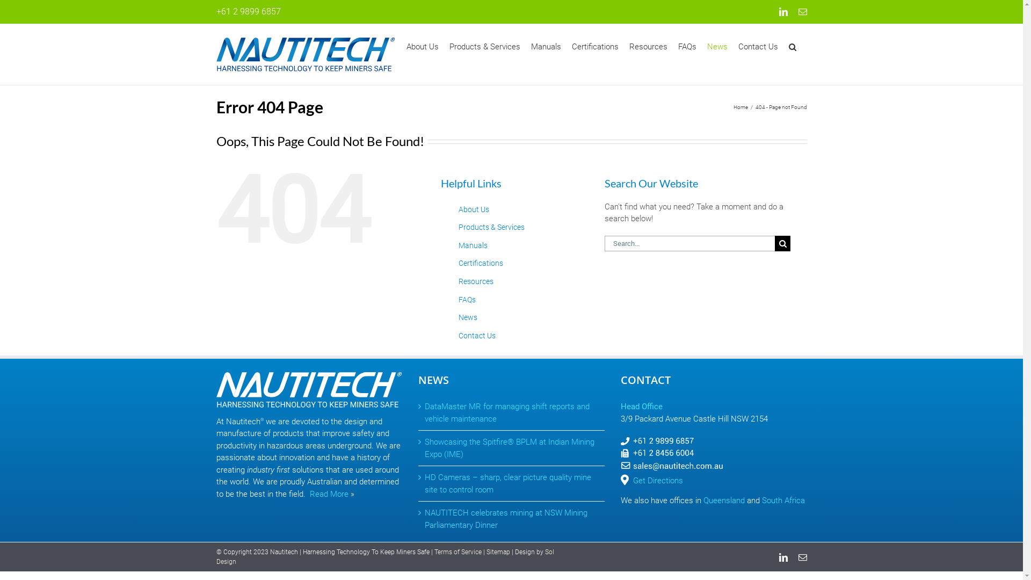 Image resolution: width=1031 pixels, height=580 pixels. What do you see at coordinates (457, 552) in the screenshot?
I see `'Terms of Service'` at bounding box center [457, 552].